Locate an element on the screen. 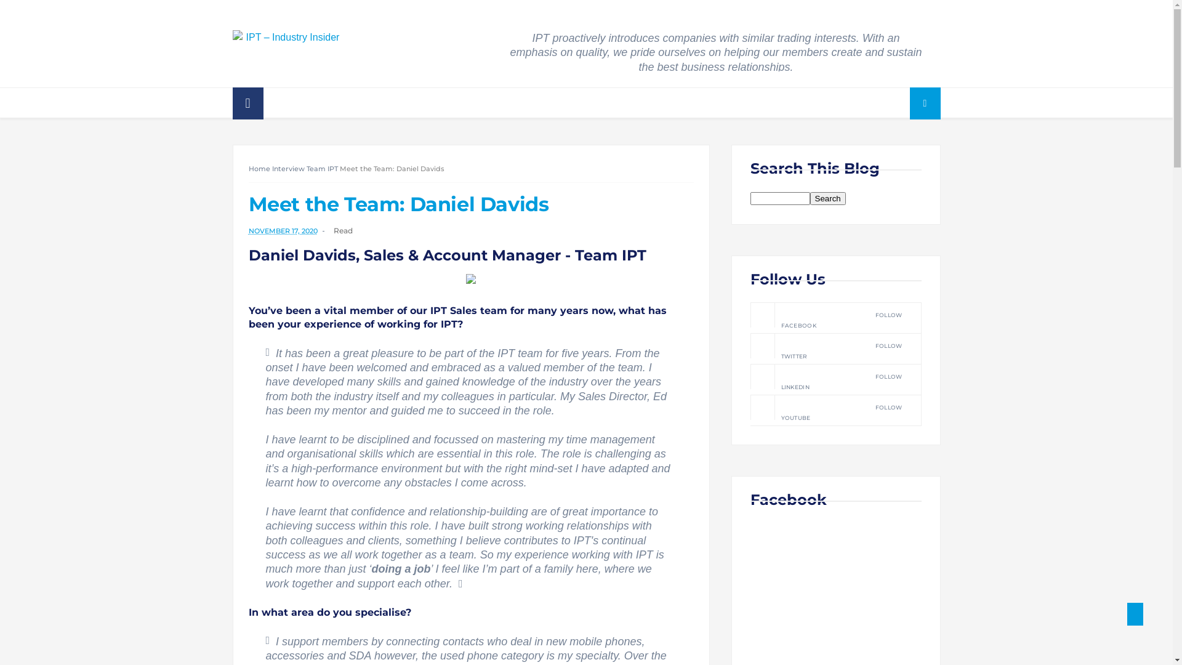 This screenshot has width=1182, height=665. 'LINKEDIN is located at coordinates (835, 379).